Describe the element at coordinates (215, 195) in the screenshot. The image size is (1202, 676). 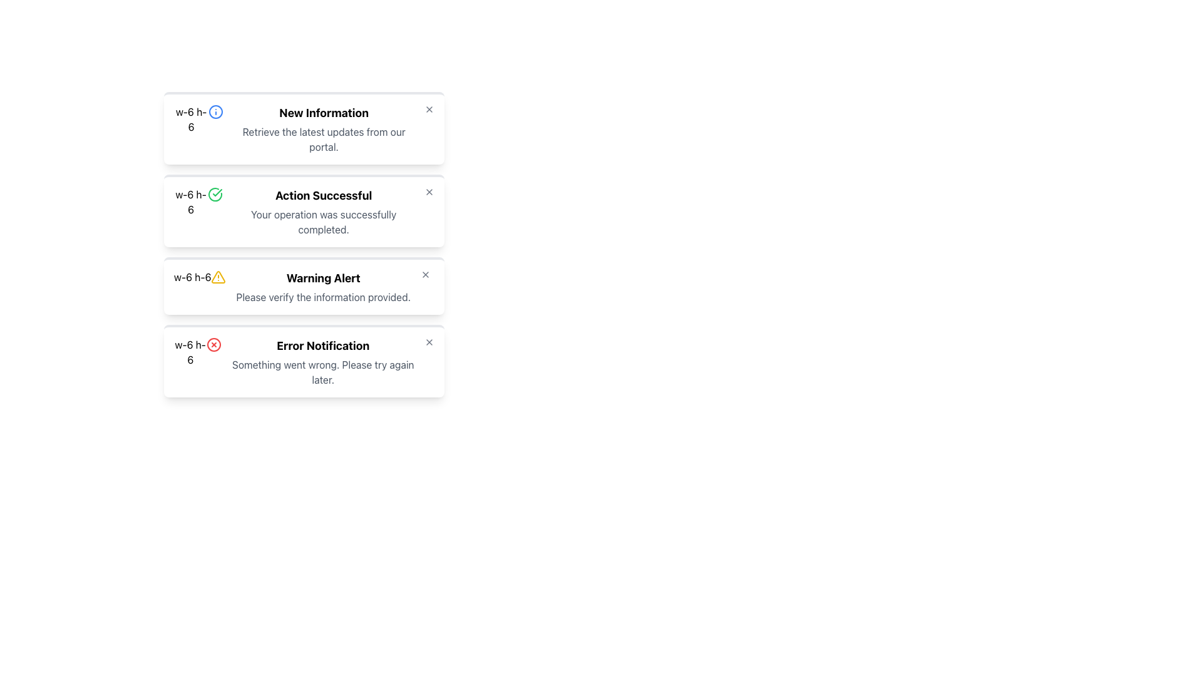
I see `the graphical check icon styled with a green circle and checkmark, located in the notification card with the title 'Action Successful'` at that location.